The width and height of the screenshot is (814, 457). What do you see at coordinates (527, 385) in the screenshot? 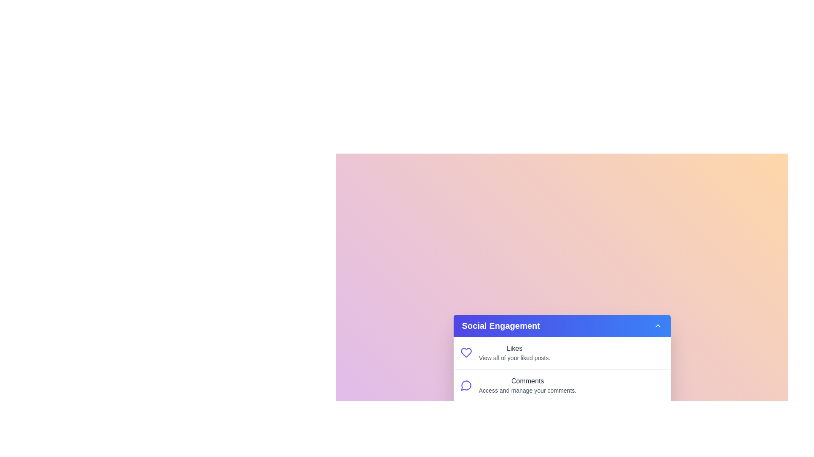
I see `the menu item Comments to view its details` at bounding box center [527, 385].